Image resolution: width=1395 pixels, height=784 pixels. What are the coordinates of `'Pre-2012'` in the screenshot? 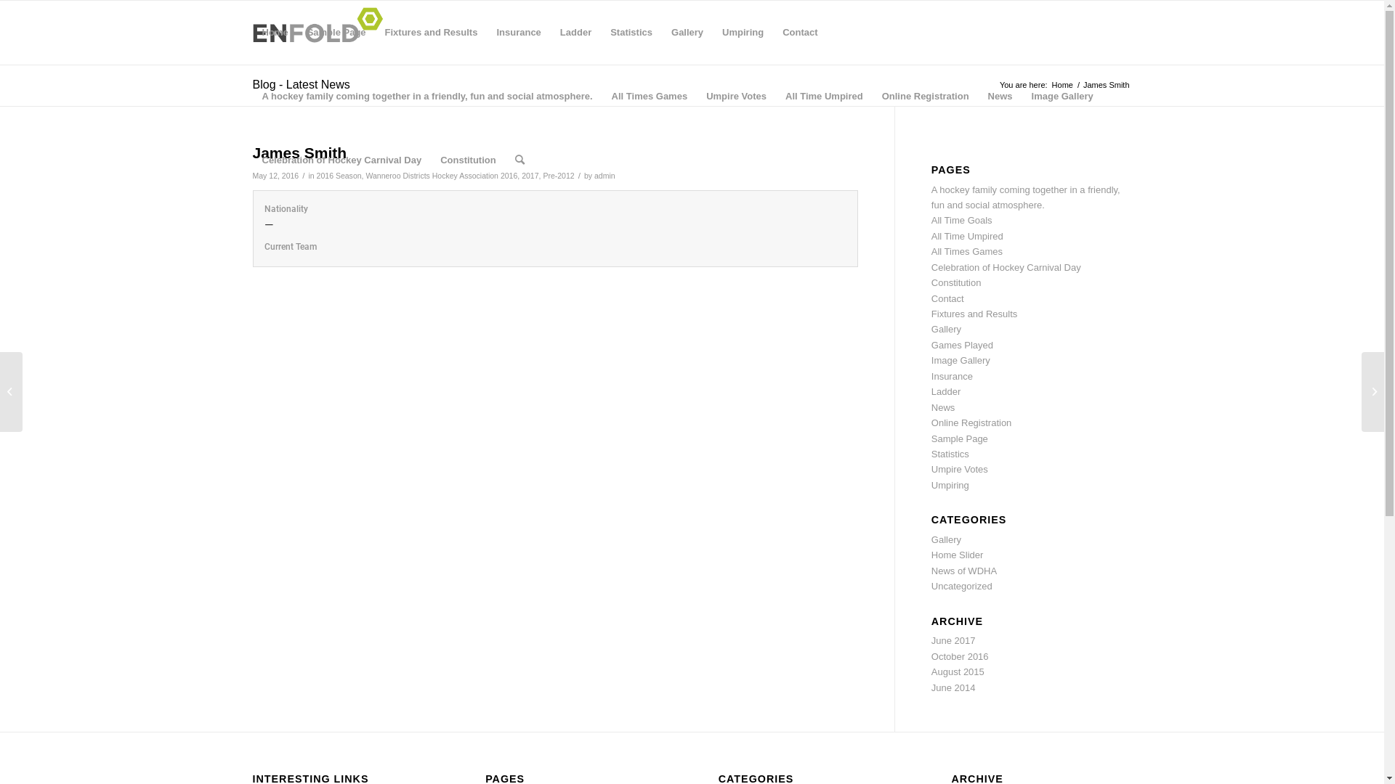 It's located at (557, 175).